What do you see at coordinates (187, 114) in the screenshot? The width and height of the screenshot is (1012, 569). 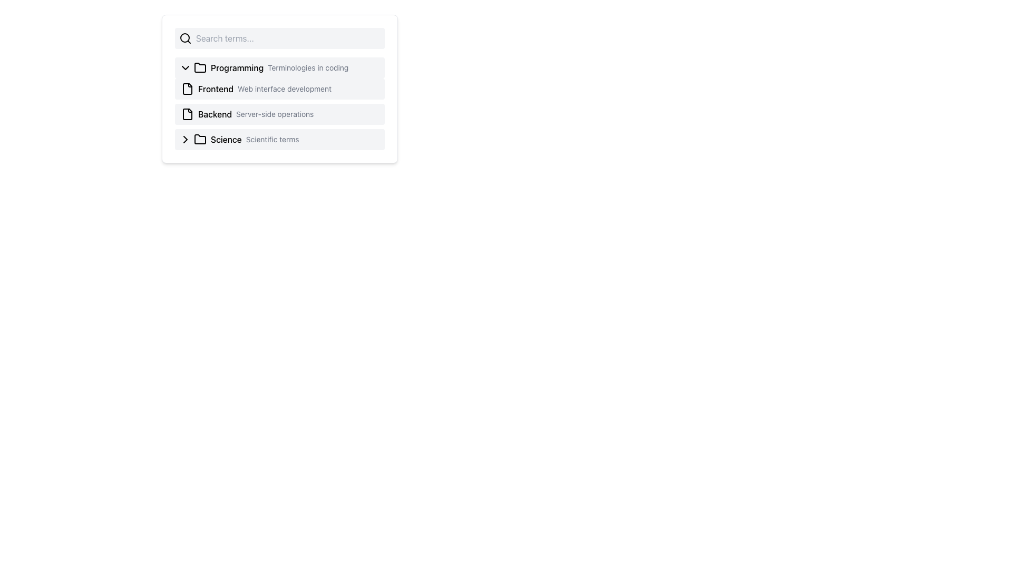 I see `the body of the file/document icon, which visually represents the 'Backend' category in the vertical list of categories` at bounding box center [187, 114].